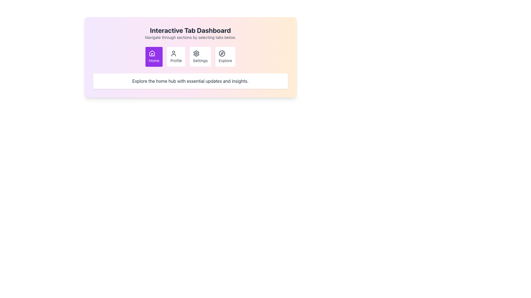 This screenshot has width=531, height=298. Describe the element at coordinates (222, 53) in the screenshot. I see `the compass icon representing the 'Explore' feature, which is located in the upper-right section of a rounded button labeled 'Explore'` at that location.